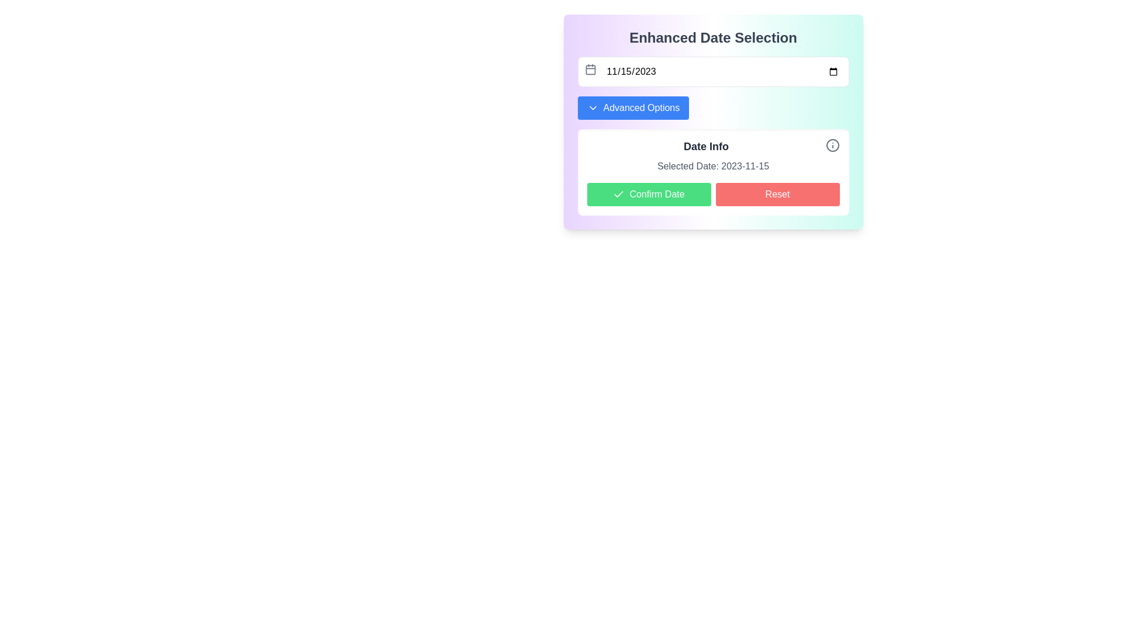 This screenshot has height=631, width=1123. I want to click on the 'Reset' button, which is a rectangular button with rounded corners, red background, and white text, located under the 'Date Info' section and is the second button from the left, so click(777, 193).